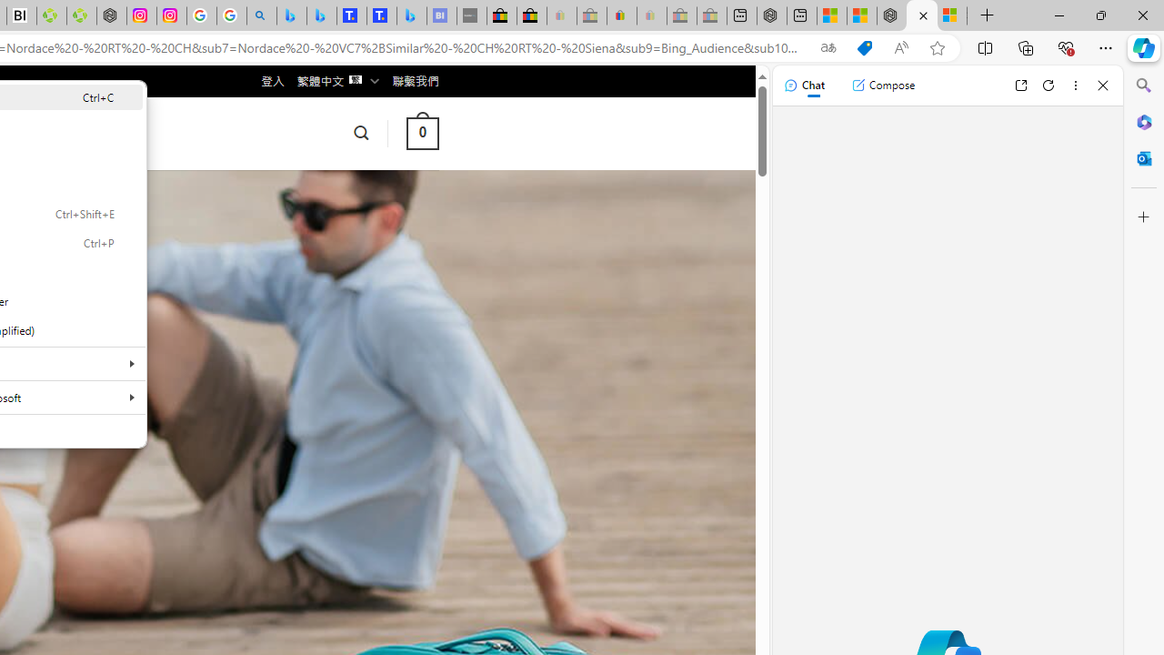 Image resolution: width=1164 pixels, height=655 pixels. I want to click on 'Compose', so click(883, 85).